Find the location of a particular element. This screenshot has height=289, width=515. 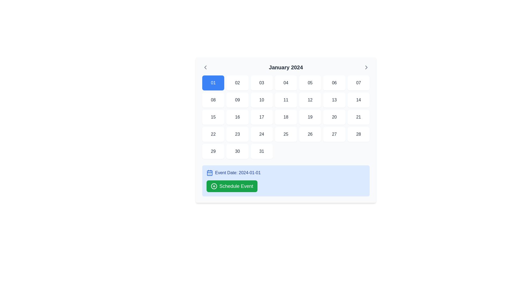

the calendar day button representing the 14th day, located in the second row and seventh column of the calendar grid is located at coordinates (358, 100).